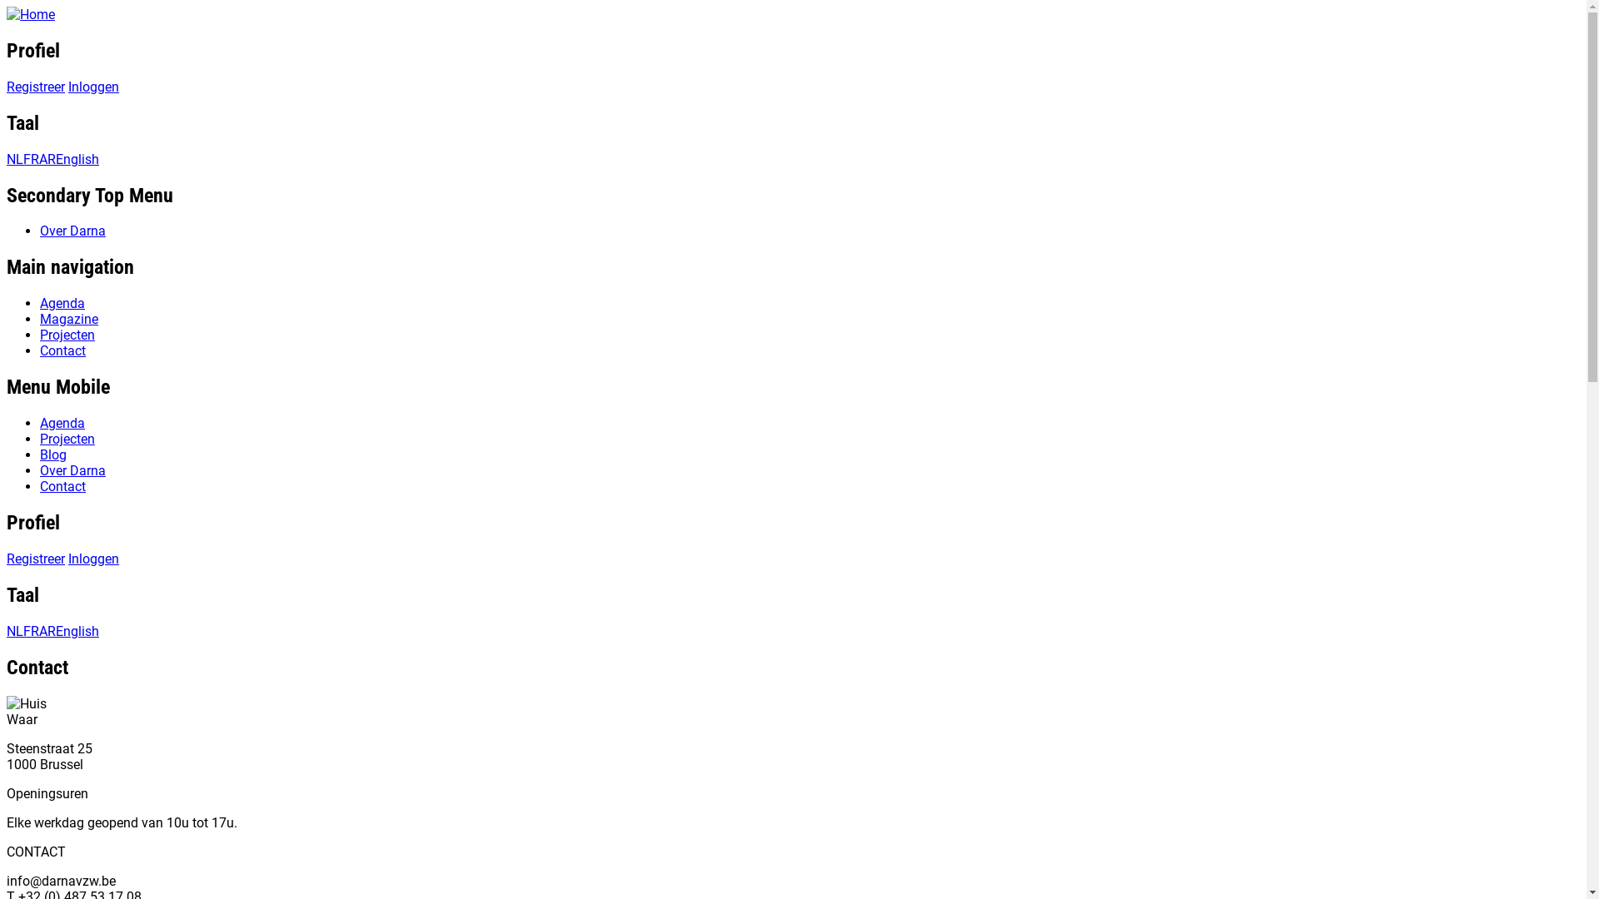 The height and width of the screenshot is (899, 1599). What do you see at coordinates (40, 486) in the screenshot?
I see `'Contact'` at bounding box center [40, 486].